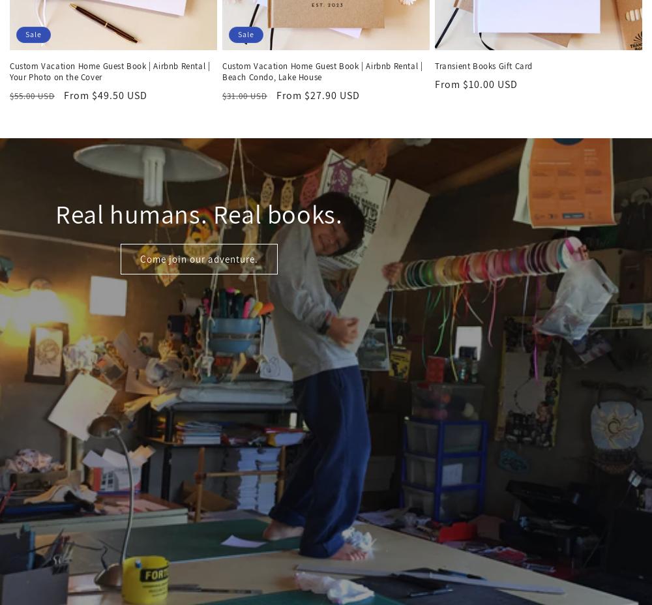  Describe the element at coordinates (482, 65) in the screenshot. I see `'Transient Books Gift Card'` at that location.